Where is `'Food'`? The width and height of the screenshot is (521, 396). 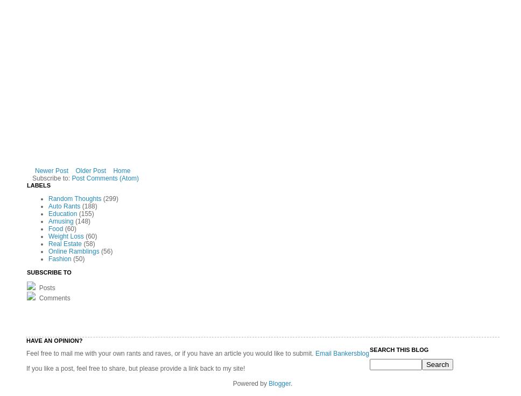 'Food' is located at coordinates (55, 228).